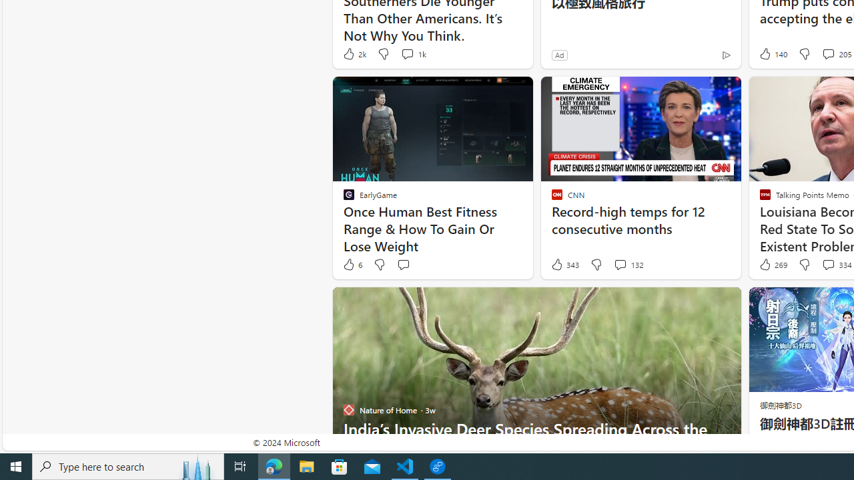  What do you see at coordinates (619, 265) in the screenshot?
I see `'View comments 132 Comment'` at bounding box center [619, 265].